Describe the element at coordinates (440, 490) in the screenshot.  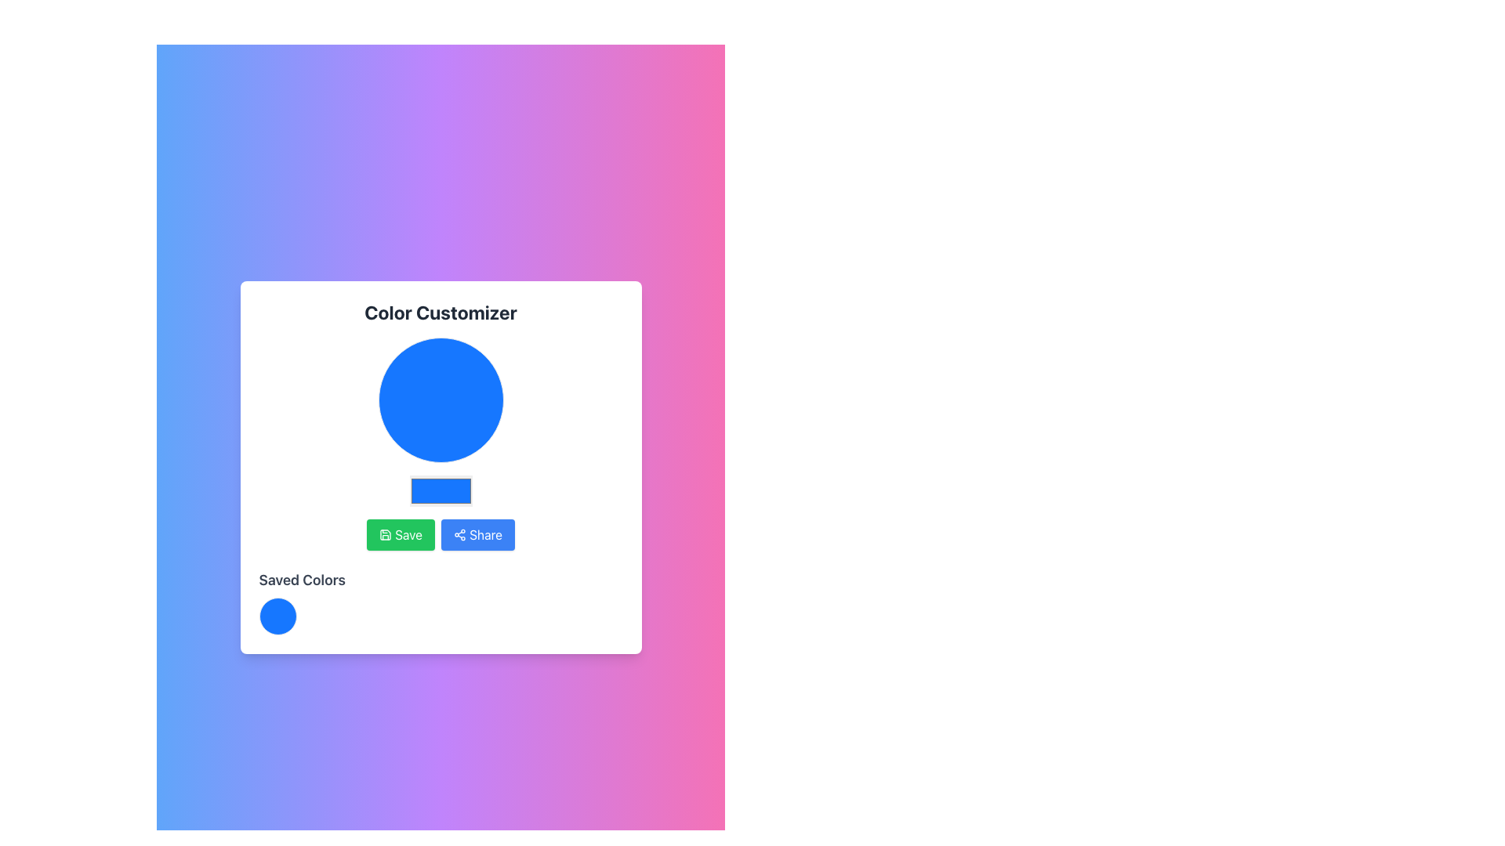
I see `the solid blue rectangular button located in the 'Color Customizer' section, positioned centrally below the circular color preview area` at that location.